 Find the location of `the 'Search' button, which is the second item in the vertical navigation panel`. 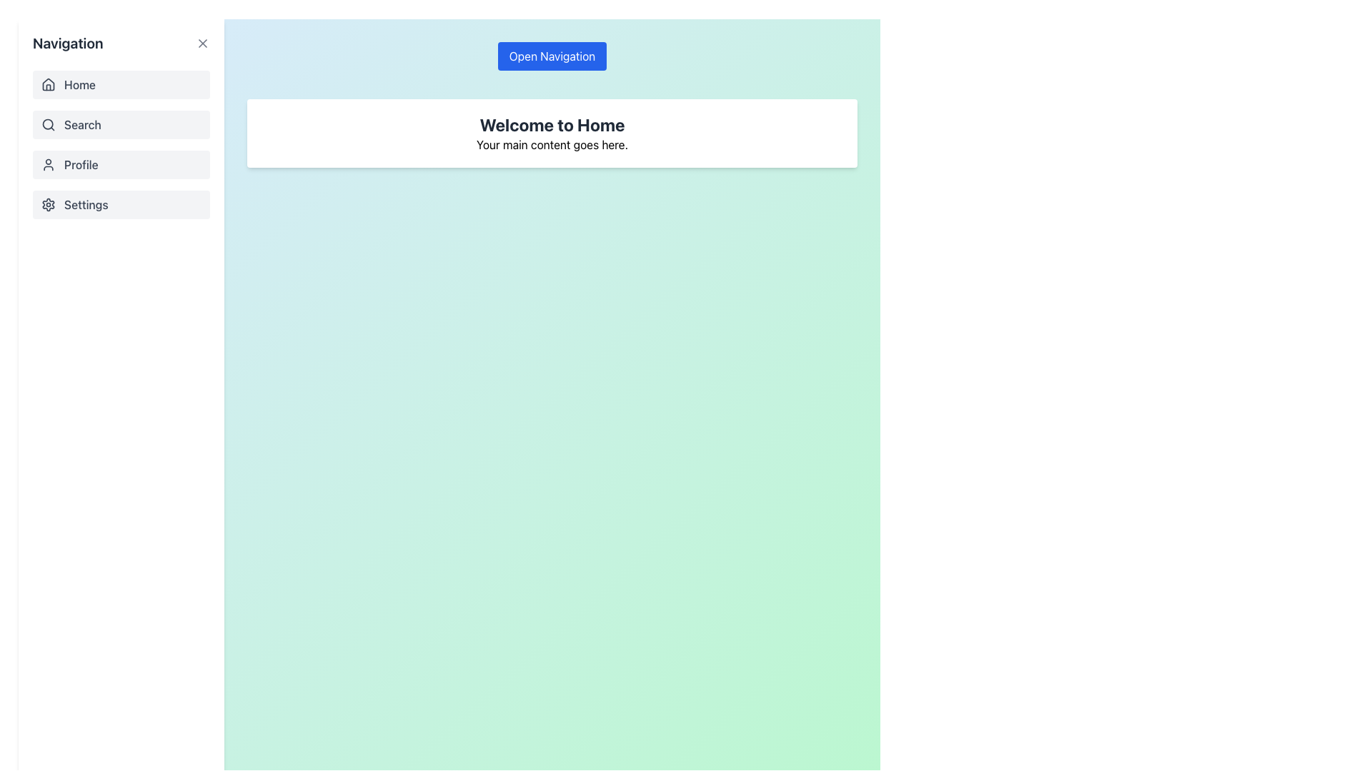

the 'Search' button, which is the second item in the vertical navigation panel is located at coordinates (121, 145).